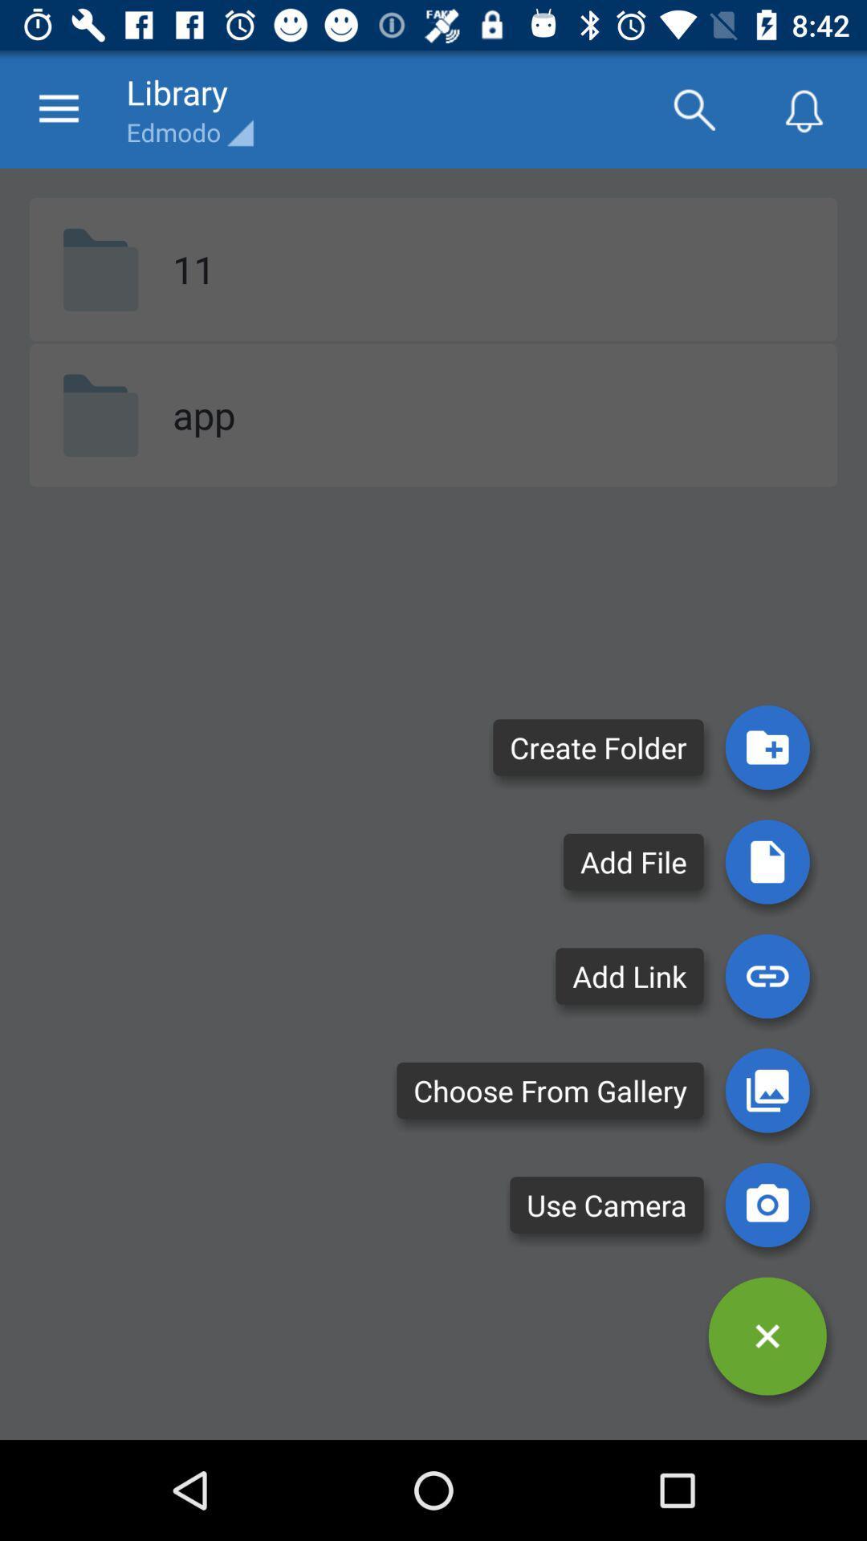 This screenshot has height=1541, width=867. Describe the element at coordinates (767, 1205) in the screenshot. I see `use camera` at that location.